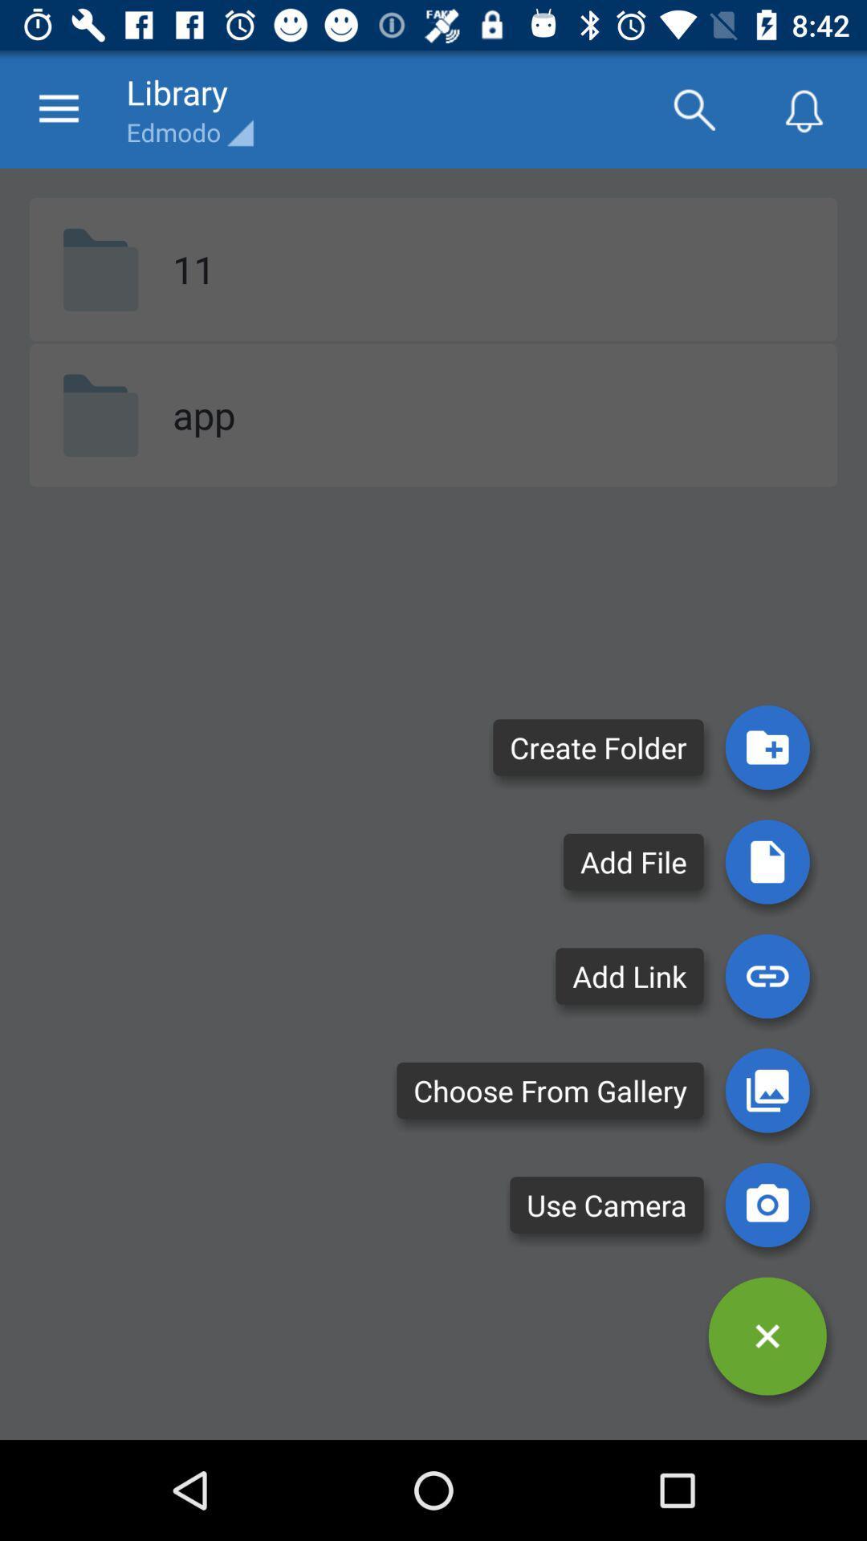 This screenshot has height=1541, width=867. Describe the element at coordinates (767, 1205) in the screenshot. I see `use camera` at that location.